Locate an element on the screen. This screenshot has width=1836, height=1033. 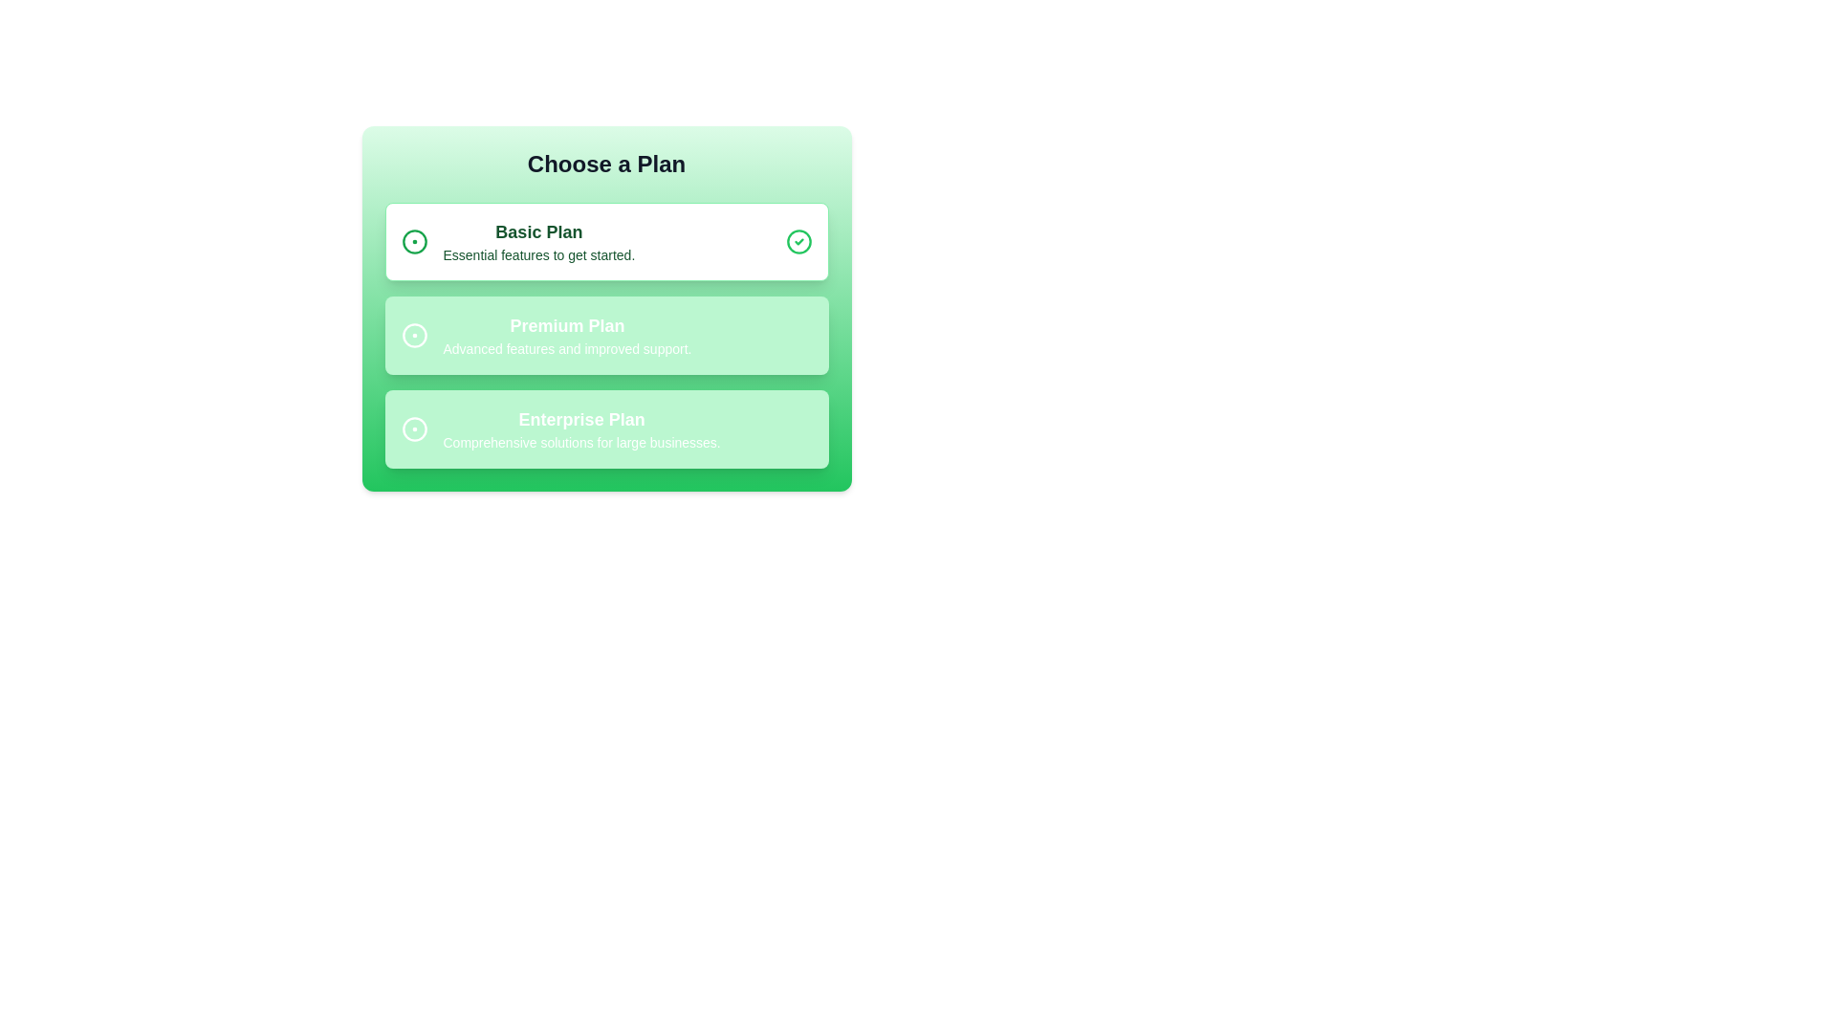
the state of the icon indicating that the 'Basic Plan' is selected, located in the top-right corner of the 'Basic Plan' card adjacent to the text 'Basic Plan' is located at coordinates (798, 241).